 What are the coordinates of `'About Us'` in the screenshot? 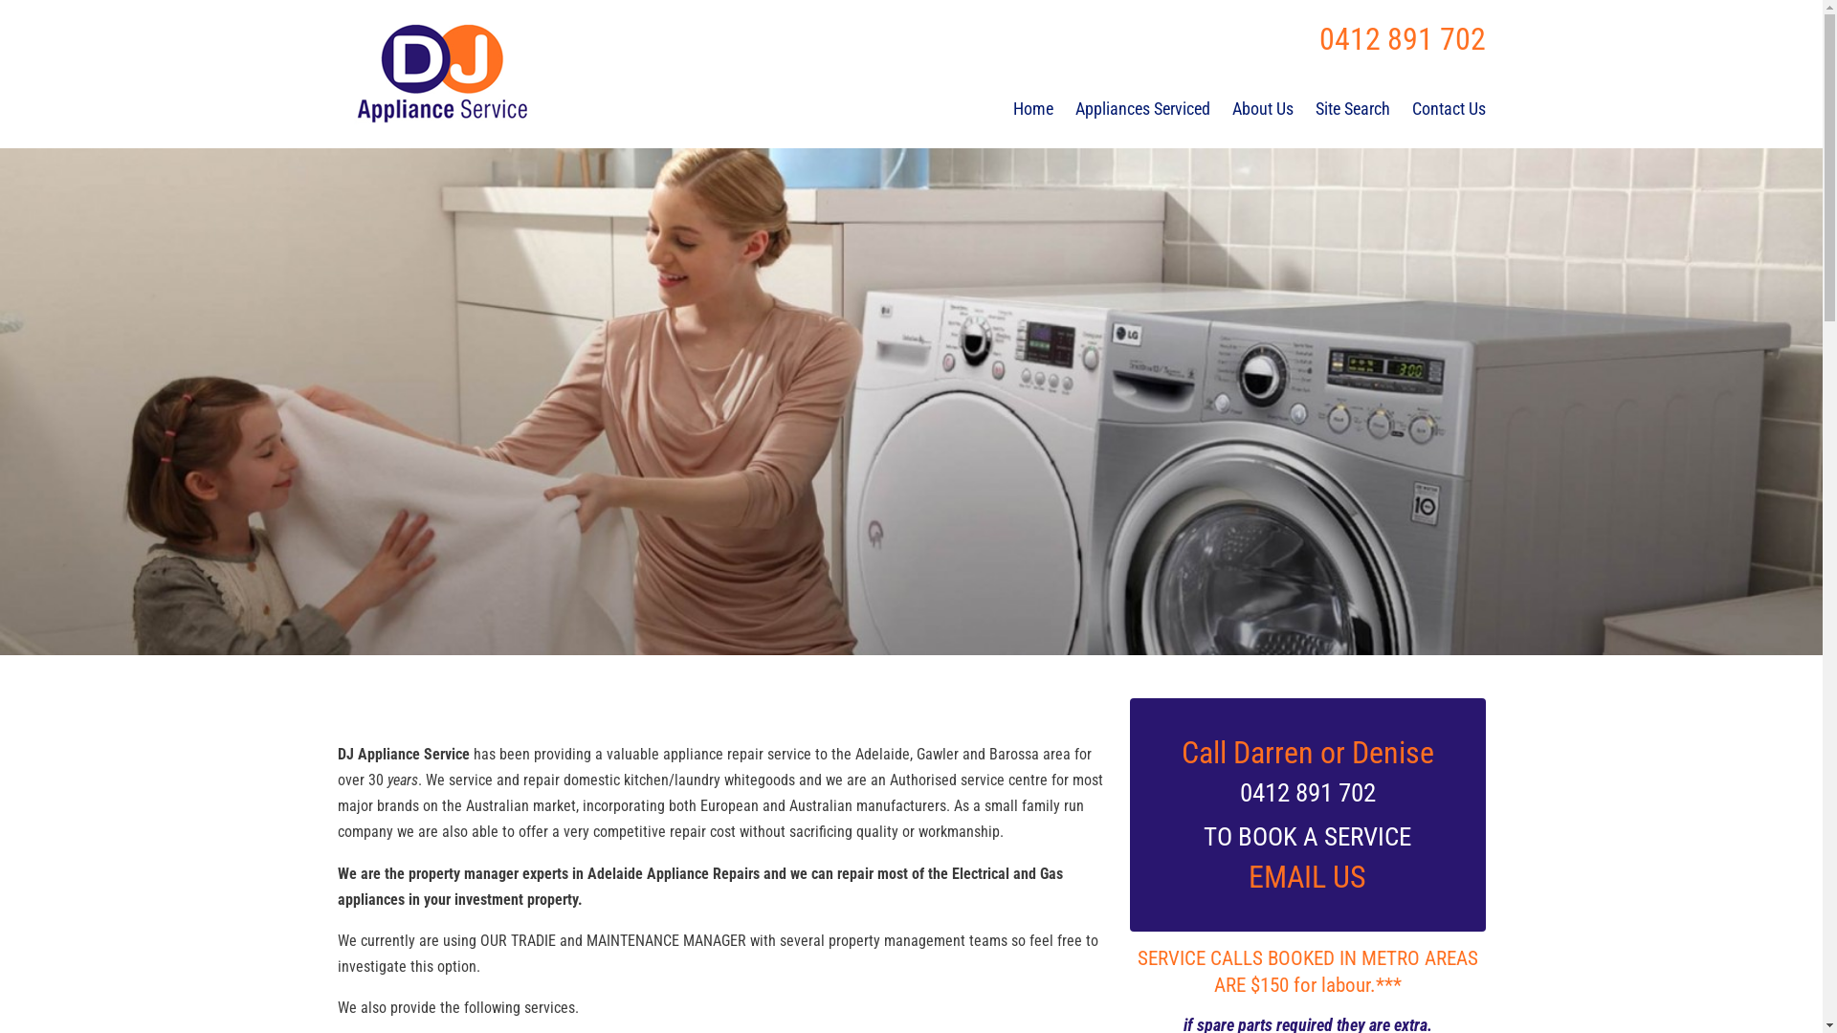 It's located at (1263, 109).